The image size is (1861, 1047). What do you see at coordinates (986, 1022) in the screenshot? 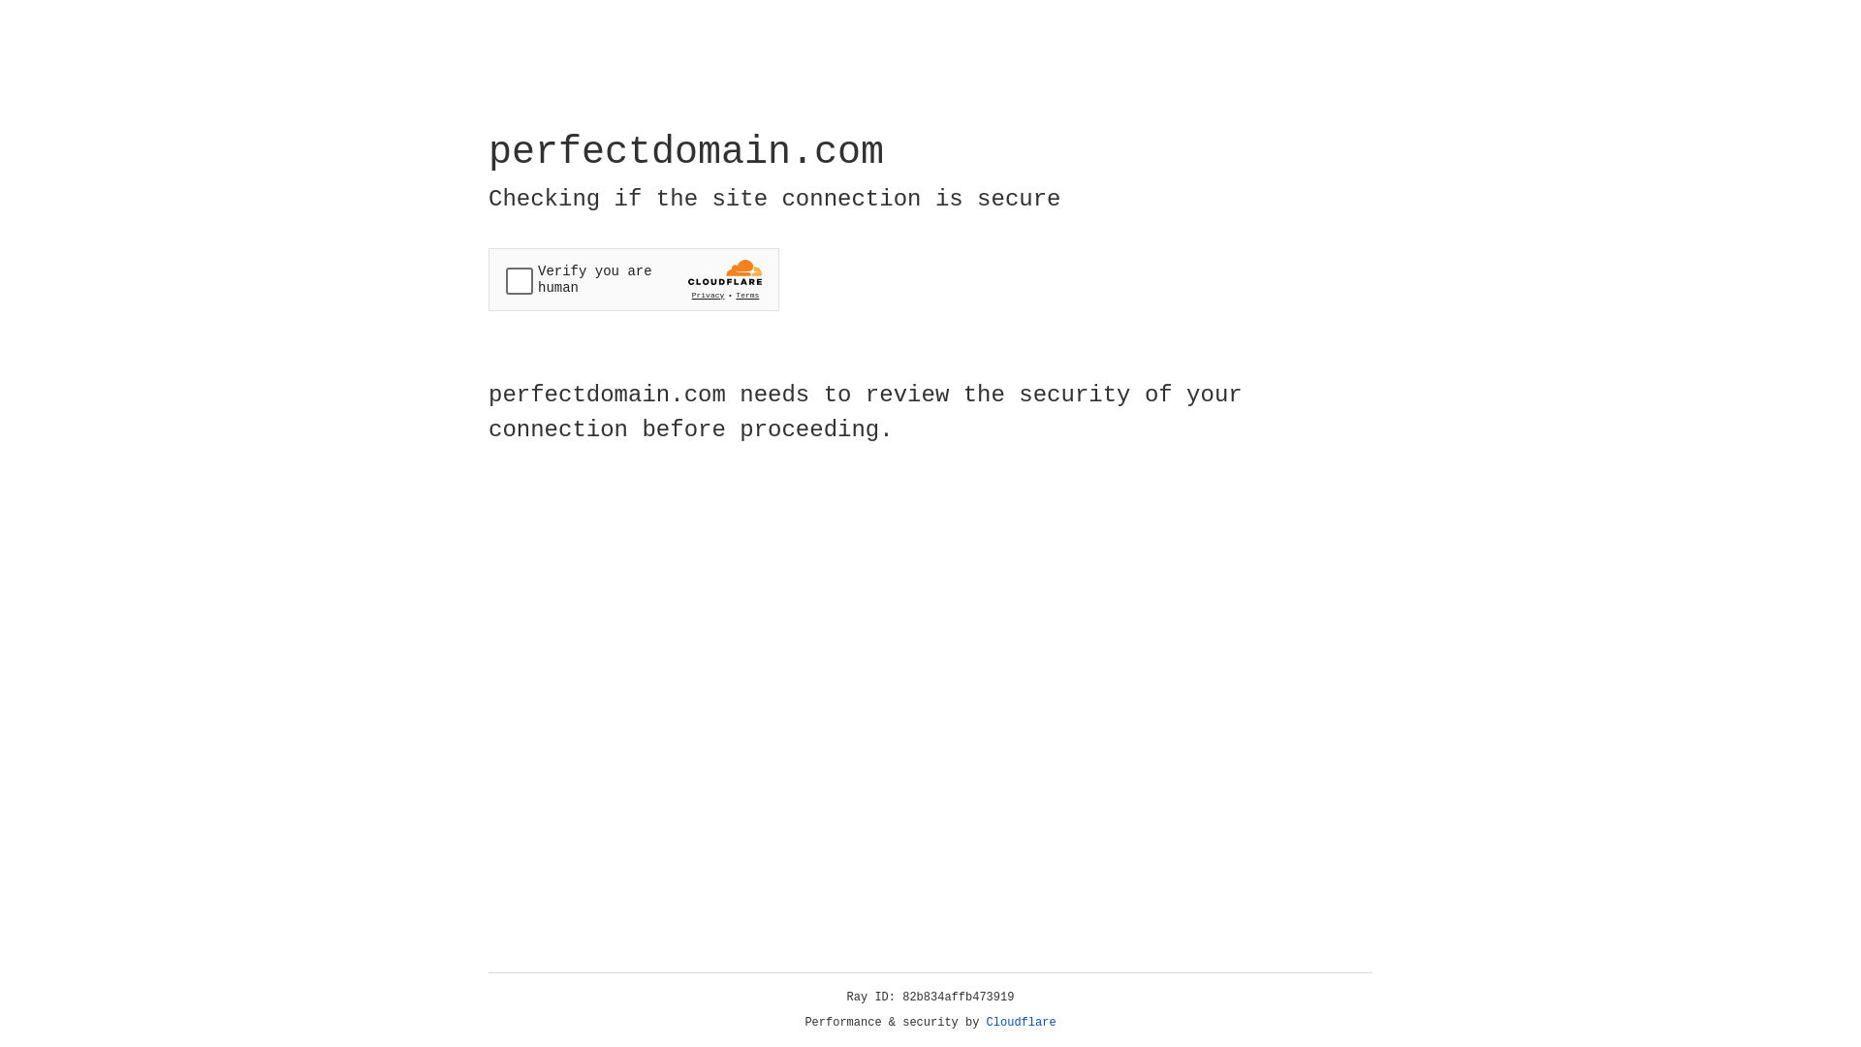
I see `'Cloudflare'` at bounding box center [986, 1022].